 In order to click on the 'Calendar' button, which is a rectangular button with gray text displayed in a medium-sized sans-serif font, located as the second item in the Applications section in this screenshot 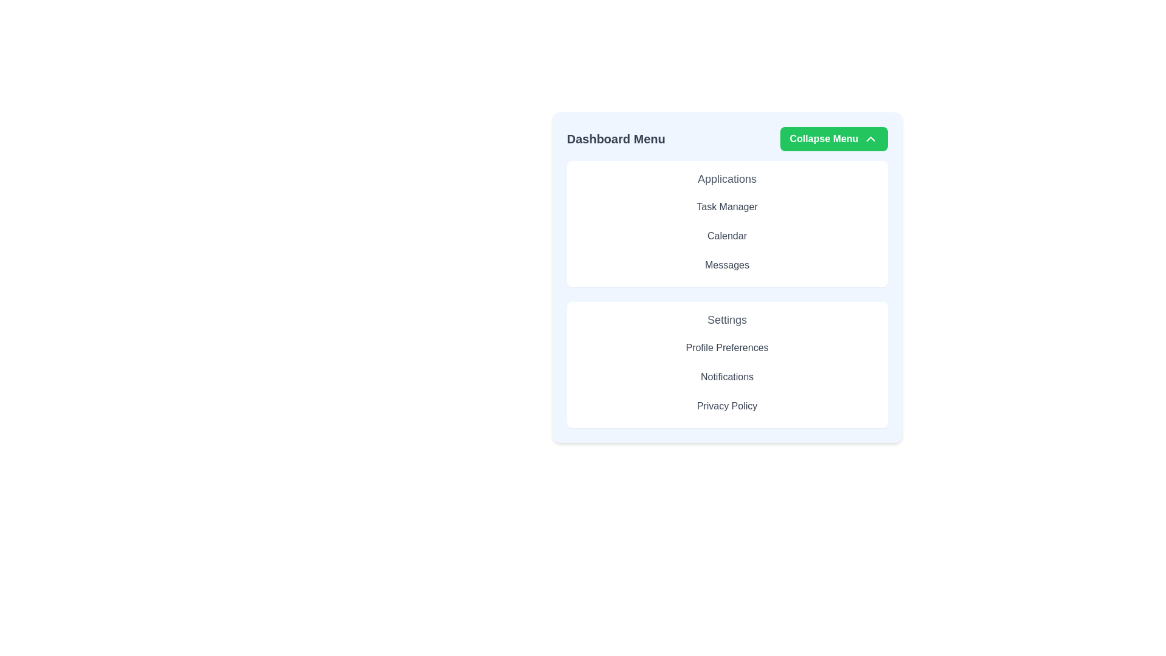, I will do `click(727, 236)`.